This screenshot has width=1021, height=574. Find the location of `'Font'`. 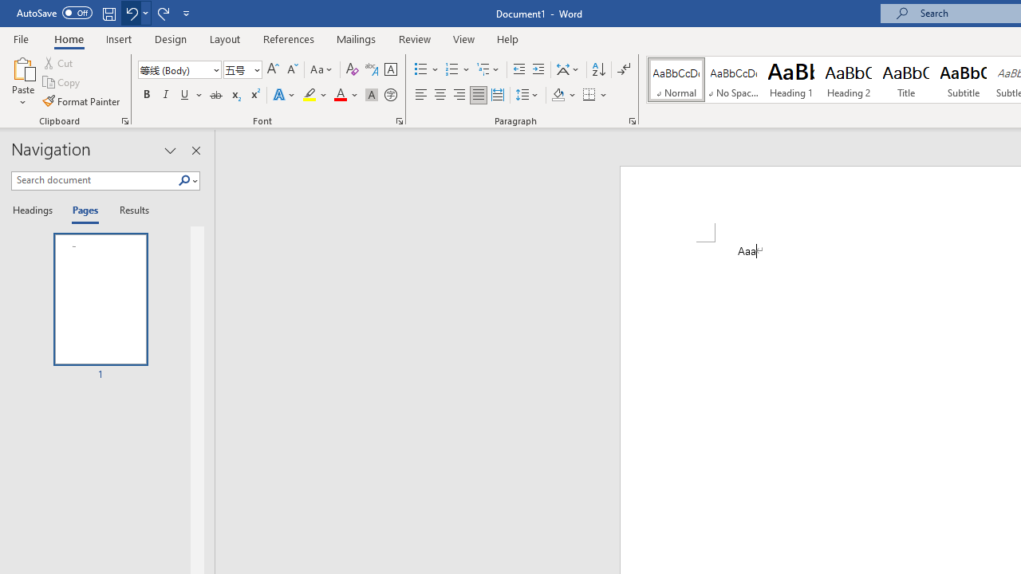

'Font' is located at coordinates (179, 69).